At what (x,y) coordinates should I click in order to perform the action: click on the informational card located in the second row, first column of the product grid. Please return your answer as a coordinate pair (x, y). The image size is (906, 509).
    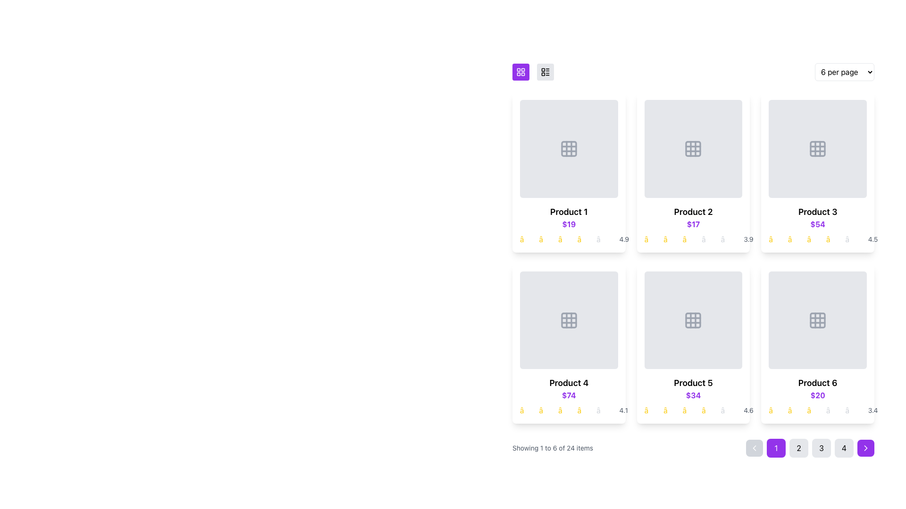
    Looking at the image, I should click on (568, 344).